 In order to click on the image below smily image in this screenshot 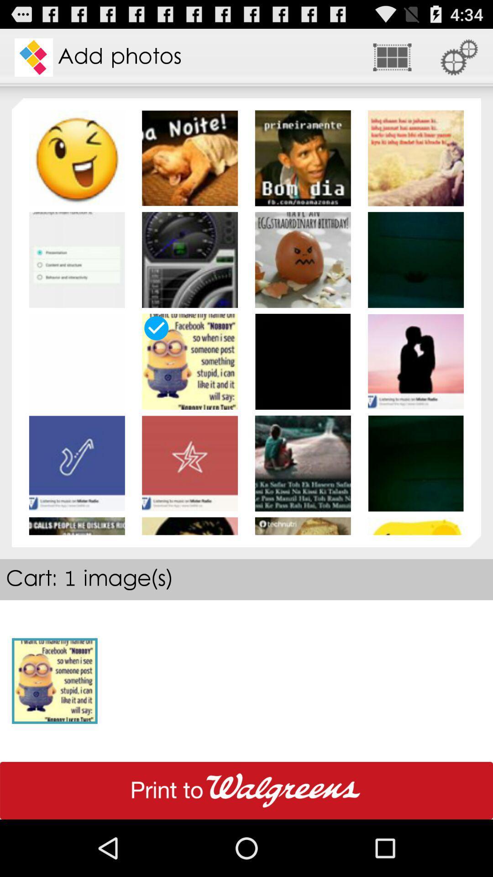, I will do `click(77, 259)`.